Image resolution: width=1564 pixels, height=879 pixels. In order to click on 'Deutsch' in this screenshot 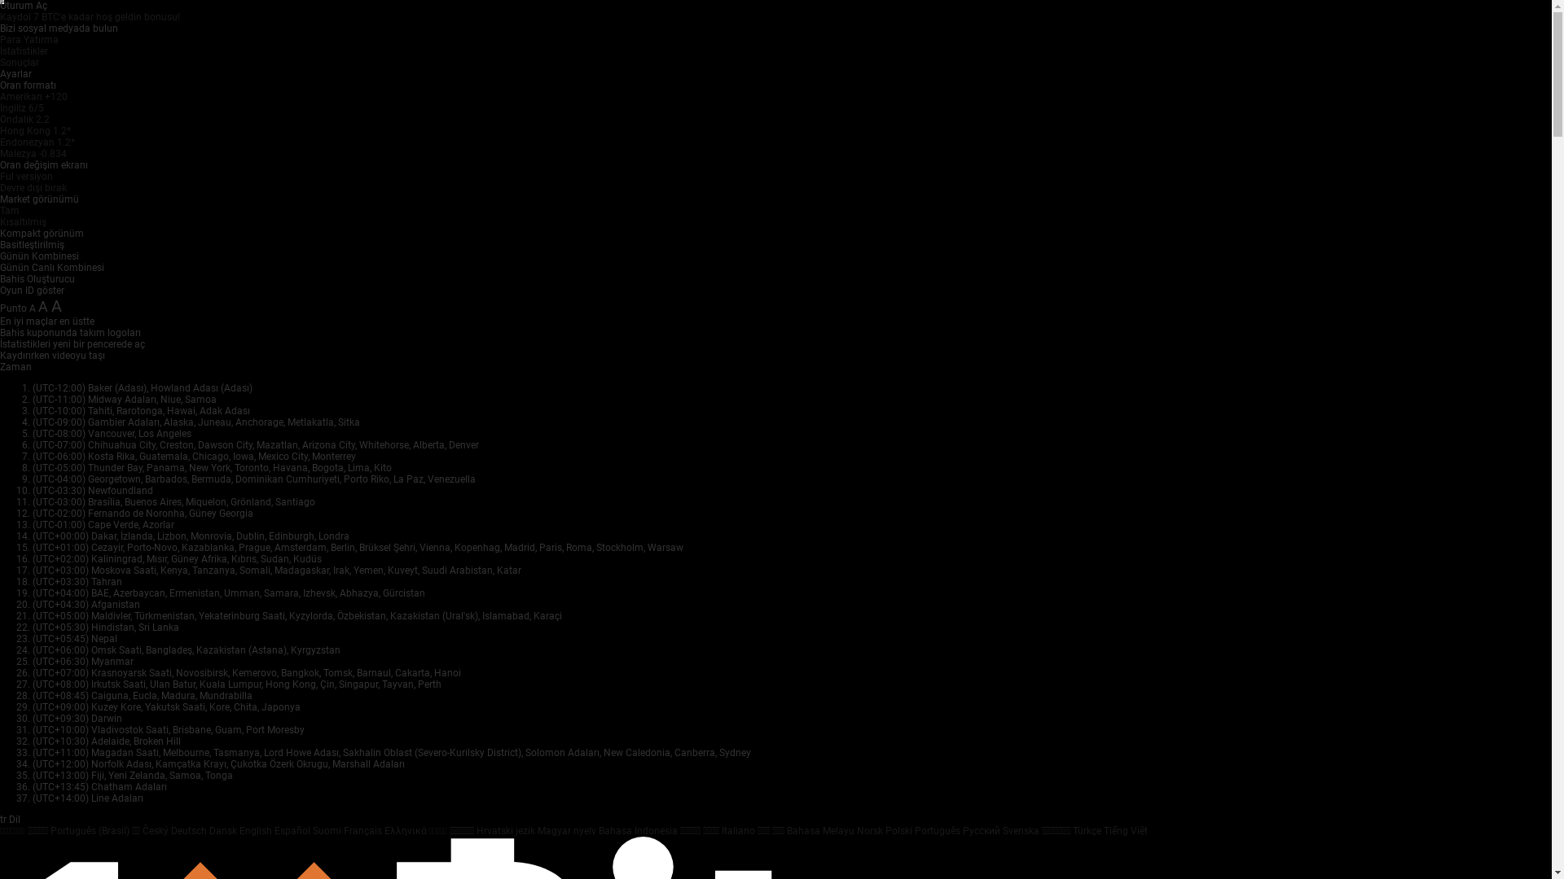, I will do `click(190, 831)`.